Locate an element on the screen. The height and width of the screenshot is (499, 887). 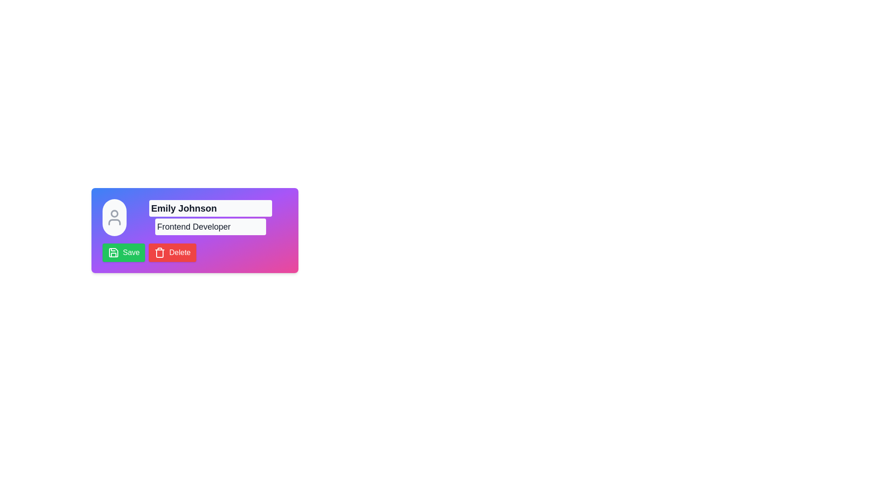
the trash can icon located to the left of the text 'Delete' within the red rectangular button at the bottom-right of the card interface is located at coordinates (160, 253).